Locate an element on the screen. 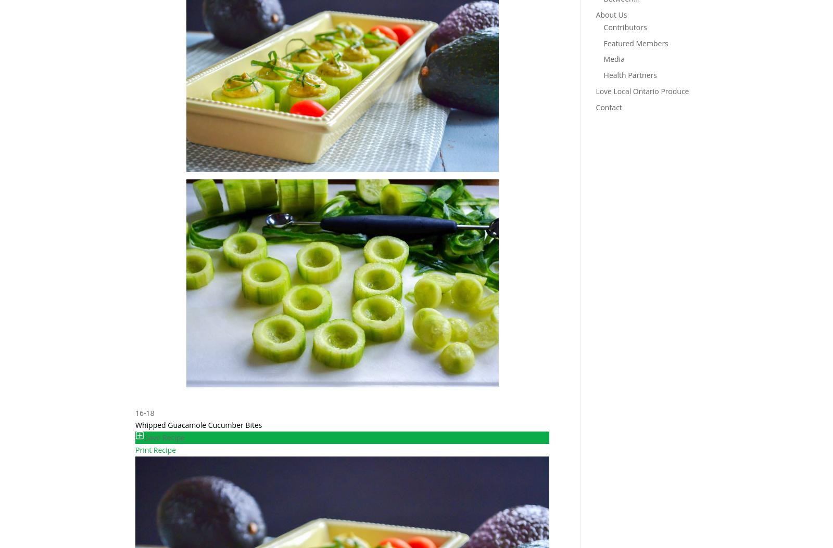  'Media' is located at coordinates (614, 59).